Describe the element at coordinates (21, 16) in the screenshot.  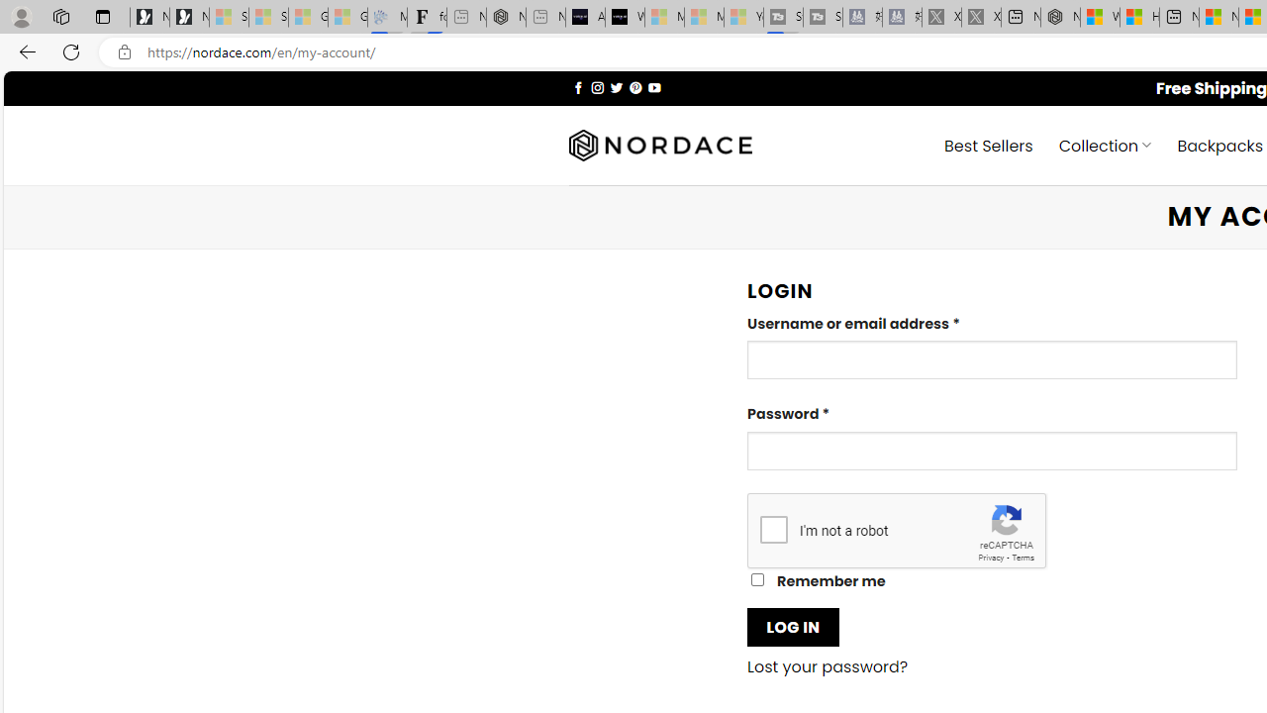
I see `'Personal Profile'` at that location.